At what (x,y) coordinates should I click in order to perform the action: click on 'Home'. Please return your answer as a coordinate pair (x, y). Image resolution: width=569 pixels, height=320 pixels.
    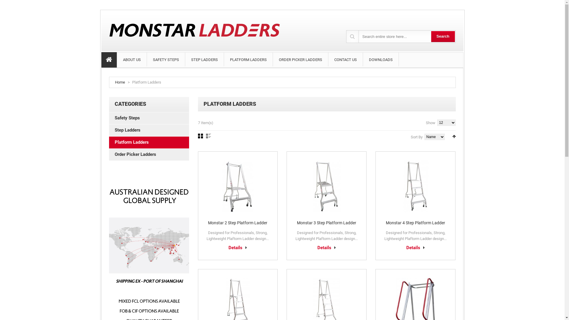
    Looking at the image, I should click on (119, 82).